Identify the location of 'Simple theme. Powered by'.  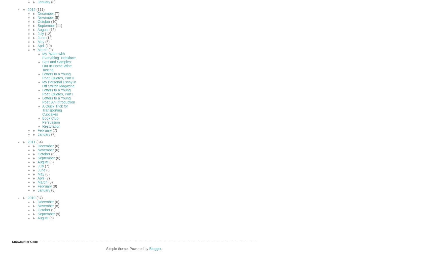
(127, 248).